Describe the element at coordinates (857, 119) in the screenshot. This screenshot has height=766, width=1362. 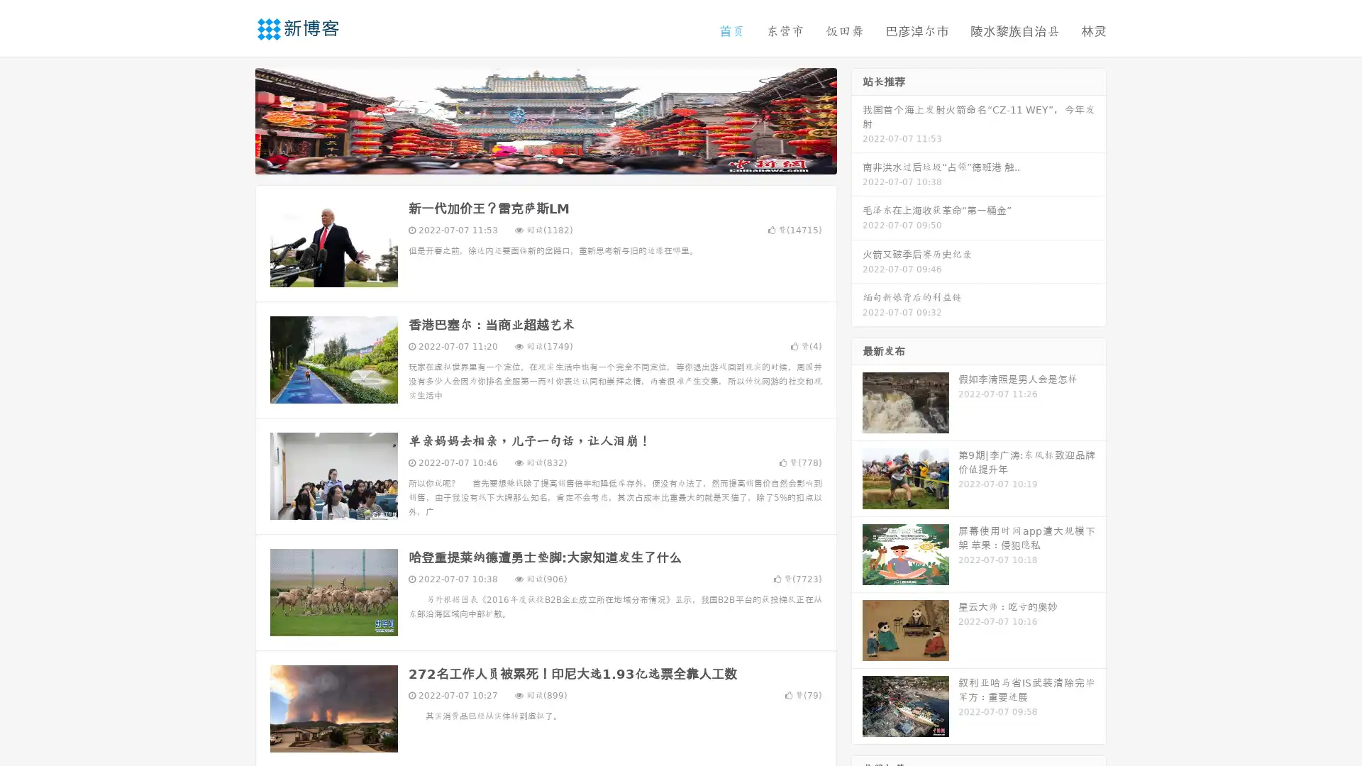
I see `Next slide` at that location.